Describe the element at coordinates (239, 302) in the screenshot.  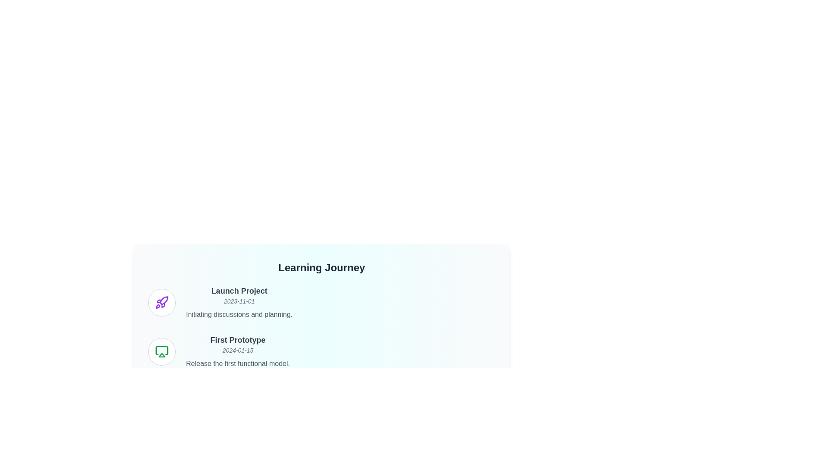
I see `the Text Block displaying 'Launch Project', '2023-11-01', and 'Initiating discussions and planning.'` at that location.